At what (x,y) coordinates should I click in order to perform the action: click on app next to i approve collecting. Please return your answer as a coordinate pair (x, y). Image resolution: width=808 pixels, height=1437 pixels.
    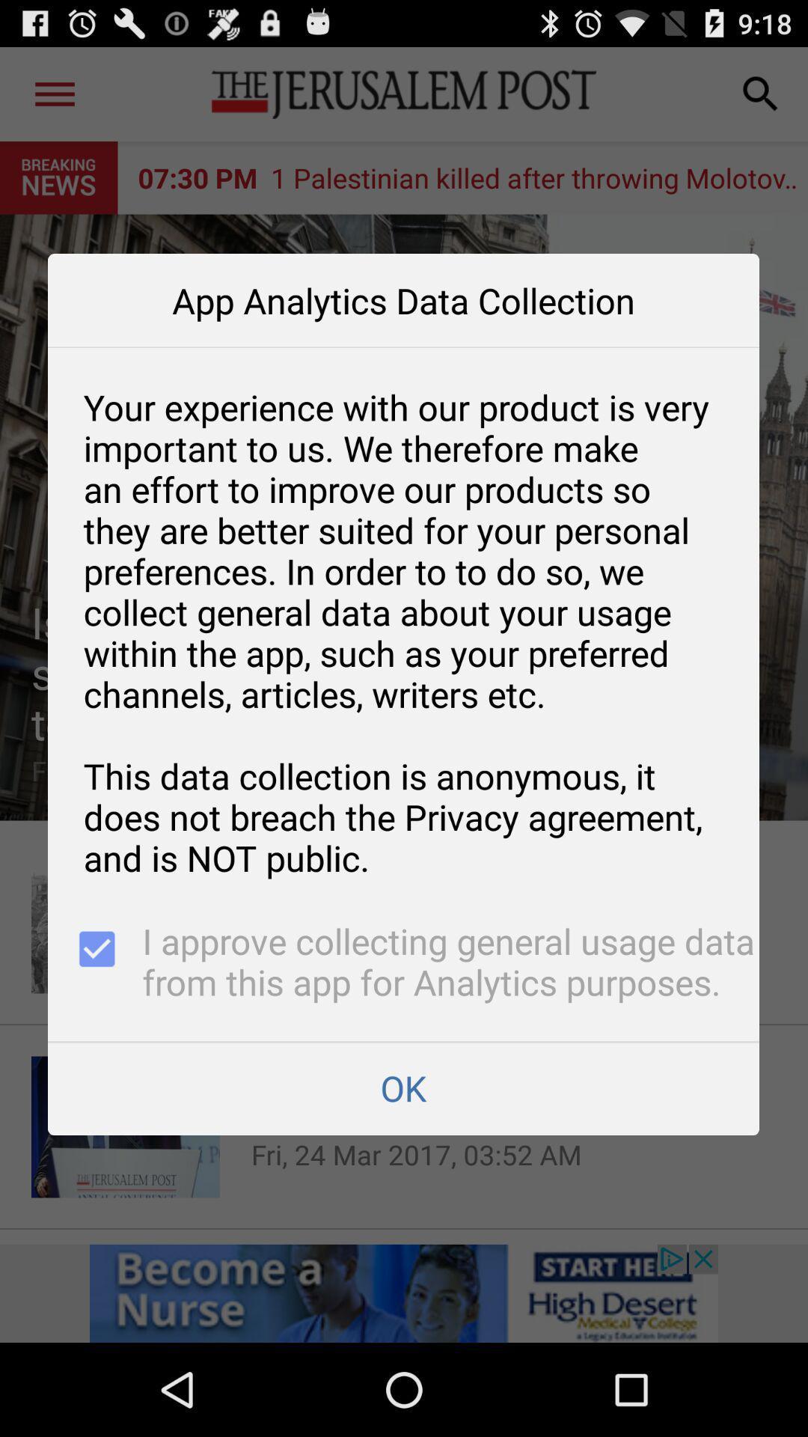
    Looking at the image, I should click on (95, 964).